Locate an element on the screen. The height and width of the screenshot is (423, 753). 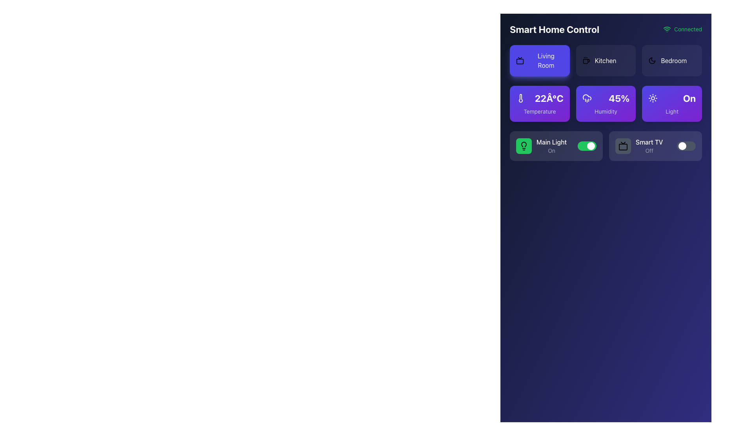
the 'Main Light' status label and indicator that shows the current state as 'On', which is located in the leftmost card section of the interface, adjacent to a green lightbulb icon and a toggle switch is located at coordinates (551, 146).